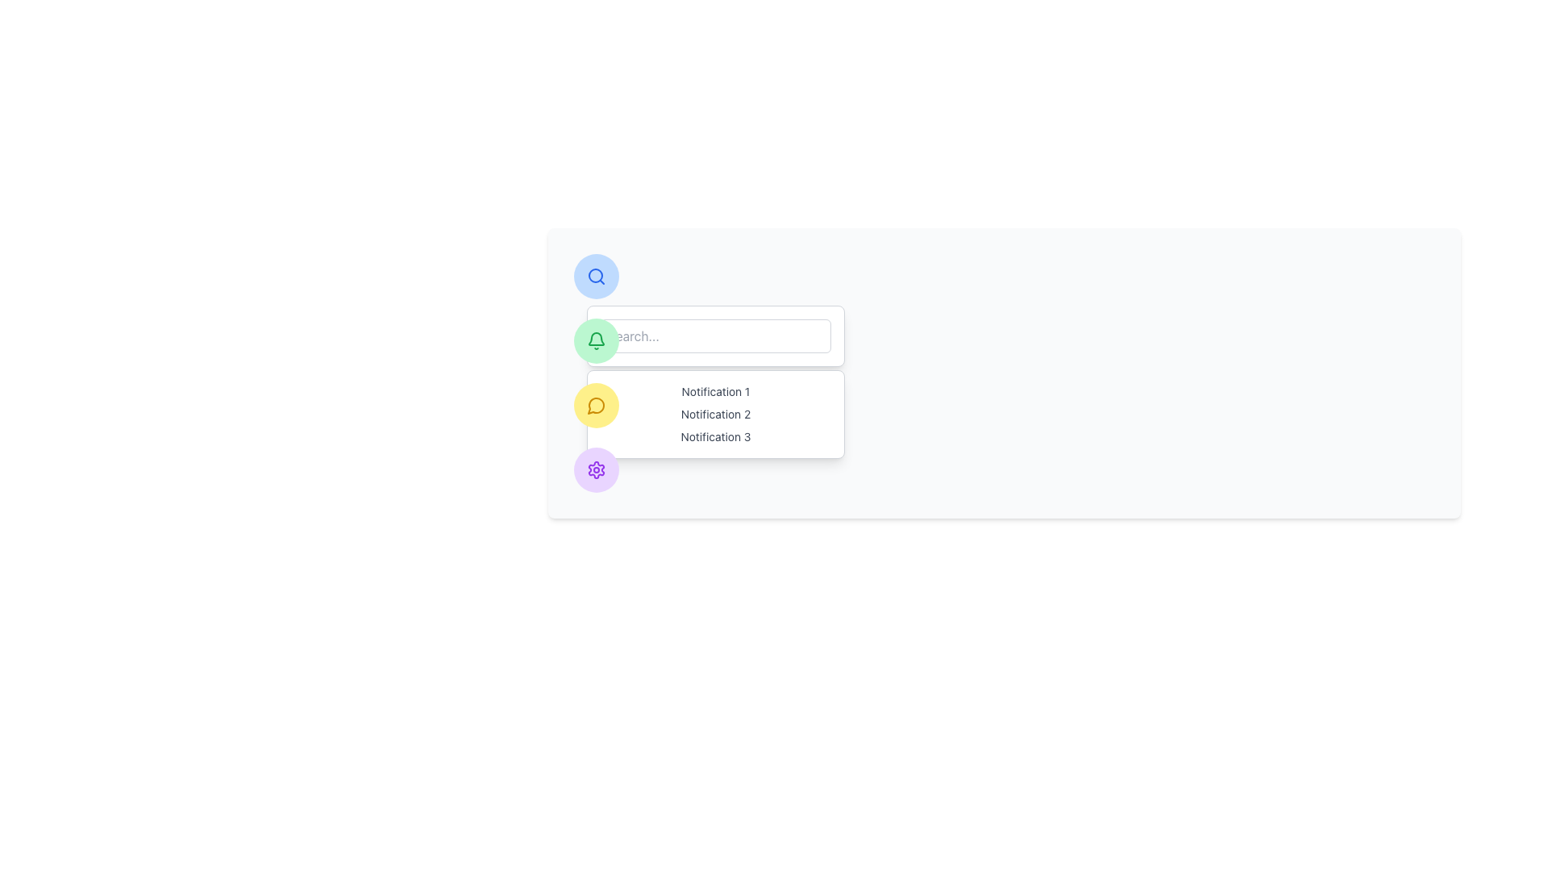  Describe the element at coordinates (595, 276) in the screenshot. I see `the rounded light blue button with a dark blue magnifying glass icon to observe the style changes` at that location.